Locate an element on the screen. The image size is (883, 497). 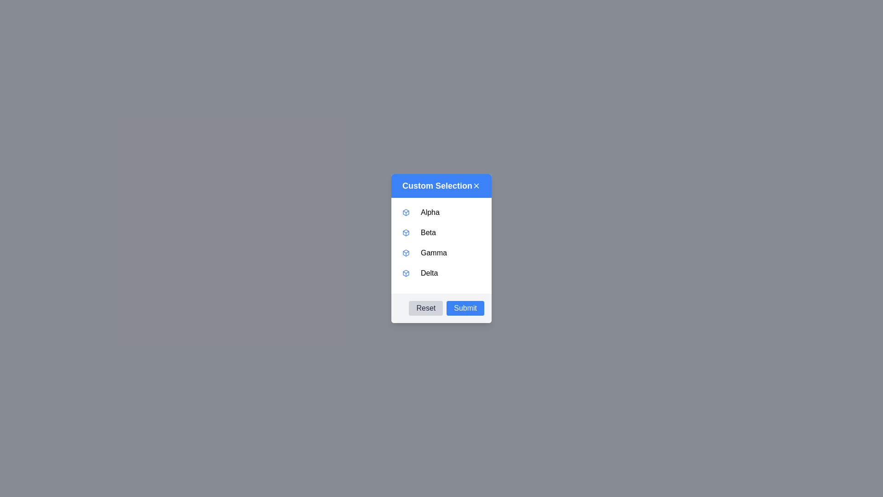
the second icon in the vertical list next to the 'Beta' text in the 'Custom Selection' modal is located at coordinates (406, 232).